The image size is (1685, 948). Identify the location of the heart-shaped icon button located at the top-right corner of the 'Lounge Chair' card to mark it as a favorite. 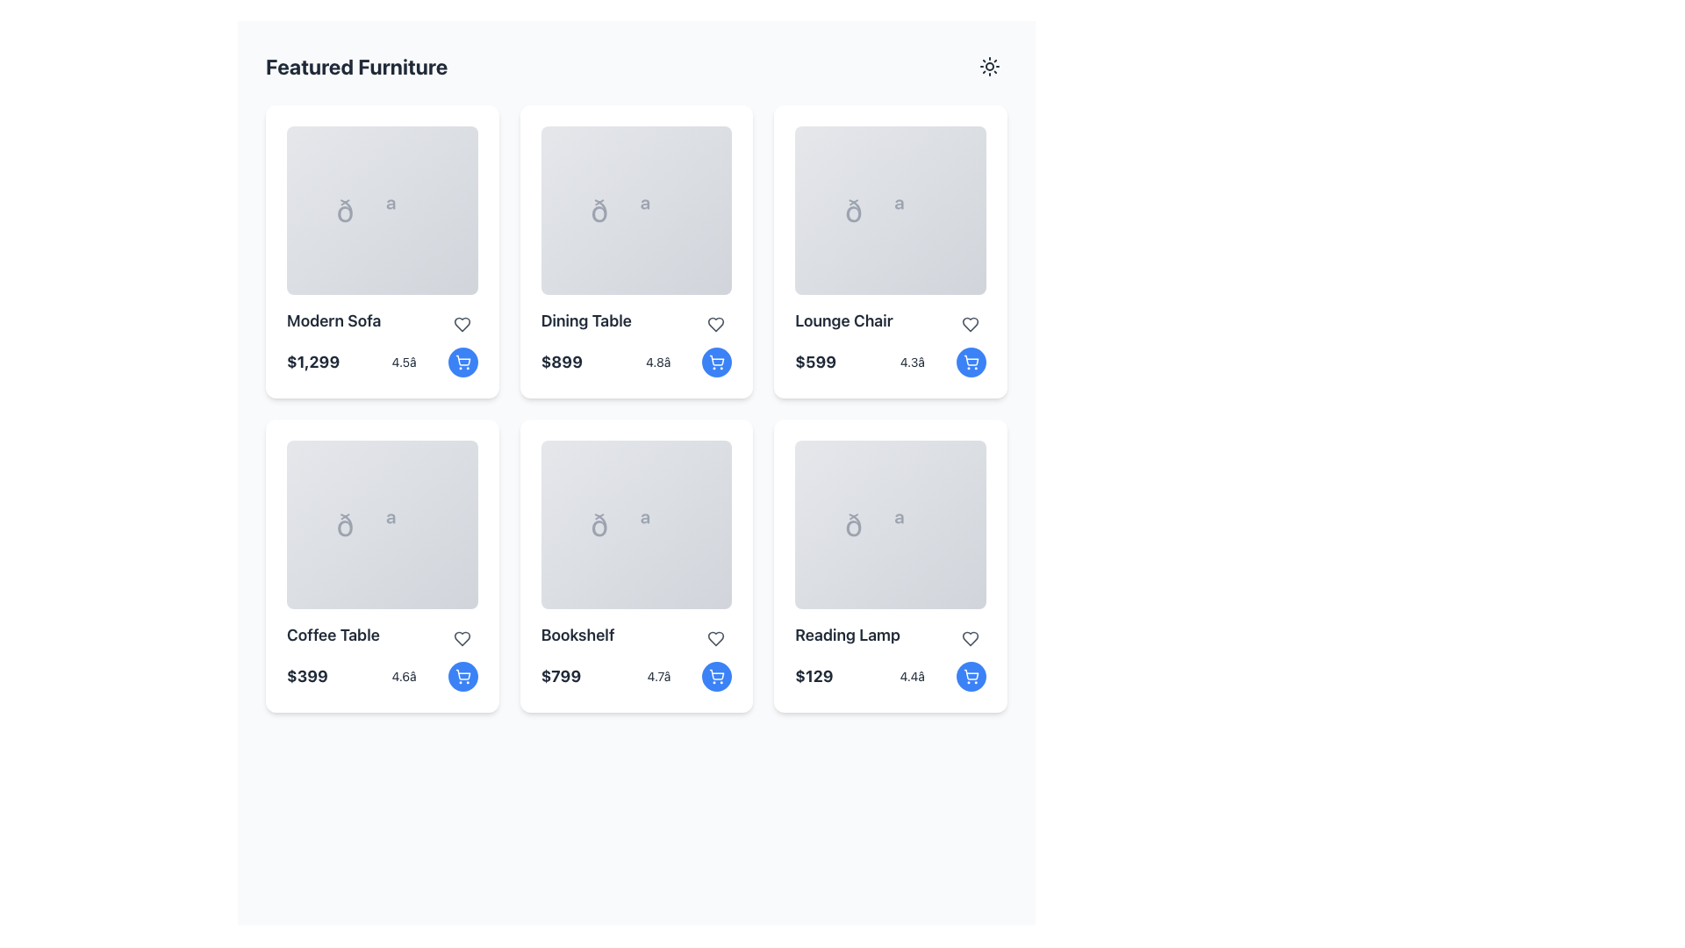
(969, 325).